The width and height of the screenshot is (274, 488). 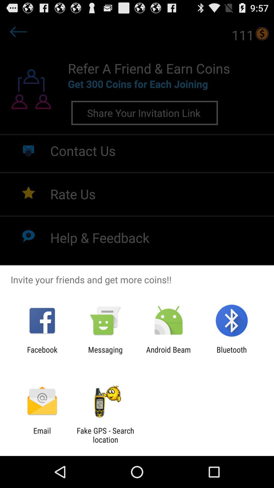 What do you see at coordinates (42, 354) in the screenshot?
I see `the facebook item` at bounding box center [42, 354].